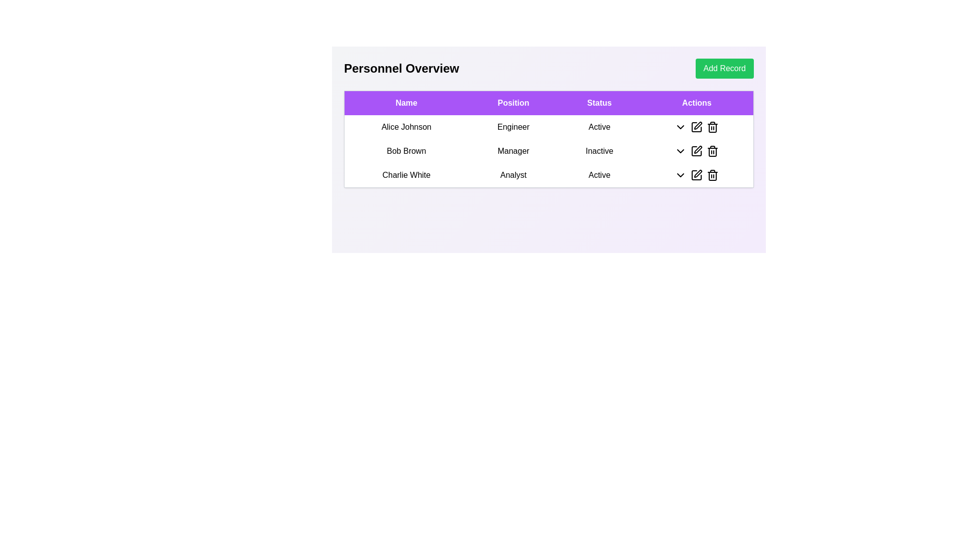 The width and height of the screenshot is (963, 541). What do you see at coordinates (599, 127) in the screenshot?
I see `the 'Active' text label in the 'Status' column of the table row for user 'Alice Johnson', which is the third column in the first row` at bounding box center [599, 127].